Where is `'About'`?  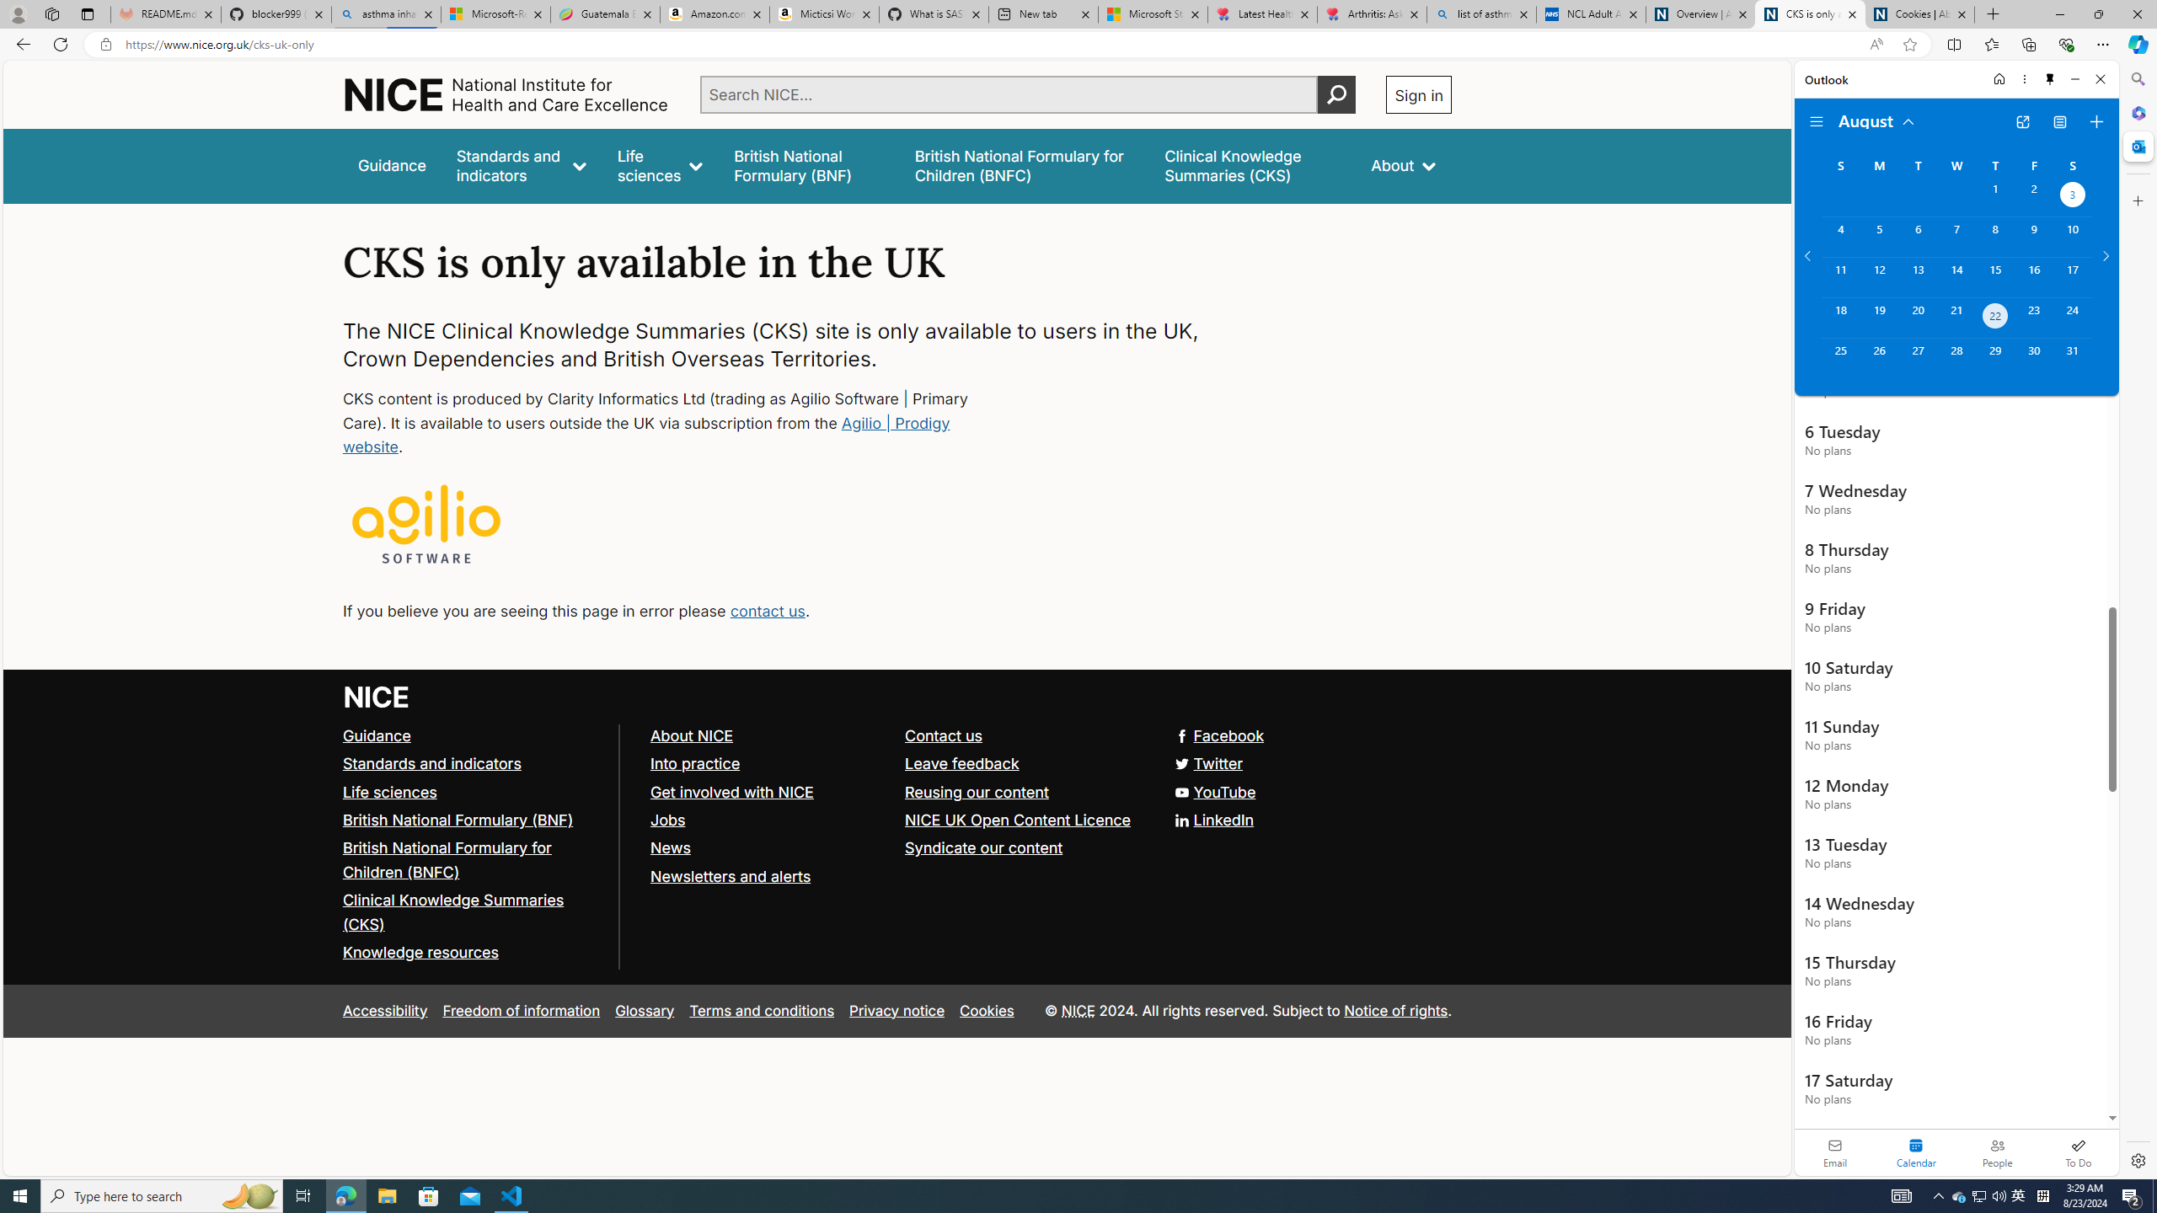 'About' is located at coordinates (1404, 165).